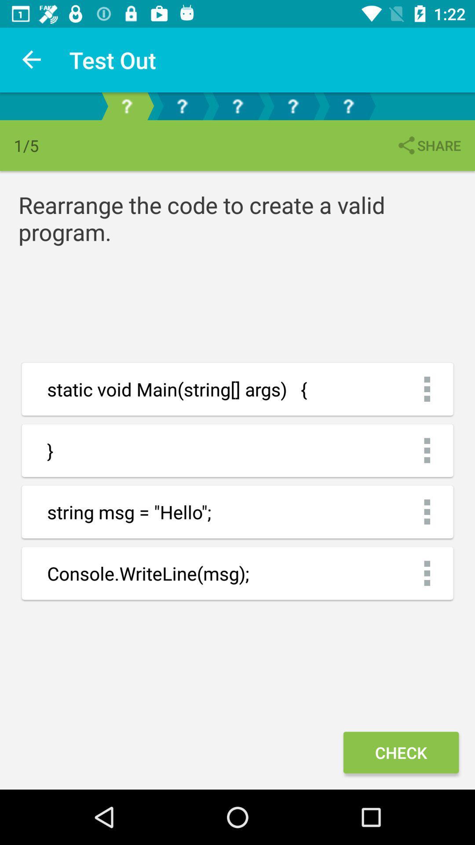 This screenshot has width=475, height=845. What do you see at coordinates (347, 106) in the screenshot?
I see `the tab` at bounding box center [347, 106].